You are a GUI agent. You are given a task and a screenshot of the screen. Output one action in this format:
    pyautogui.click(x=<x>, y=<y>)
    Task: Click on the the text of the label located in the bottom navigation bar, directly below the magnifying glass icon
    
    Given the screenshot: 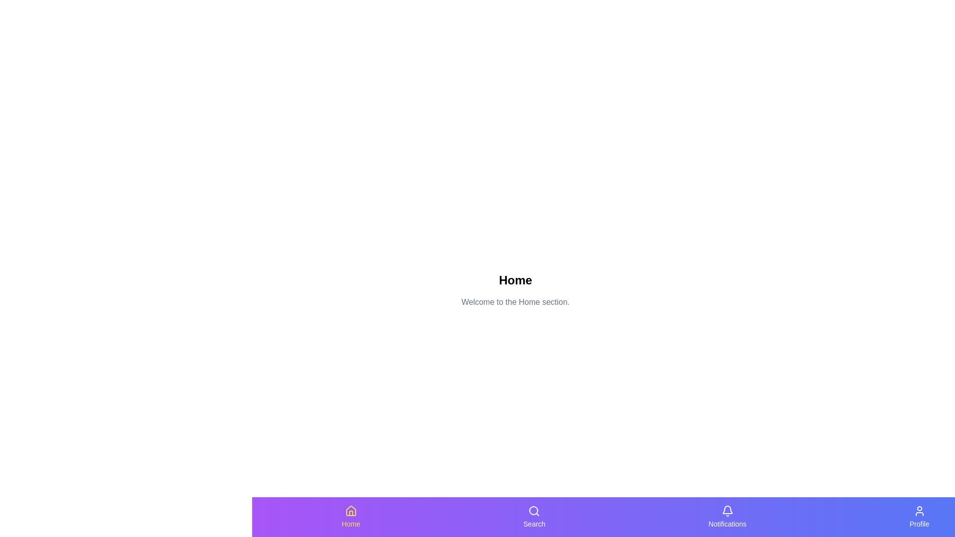 What is the action you would take?
    pyautogui.click(x=534, y=523)
    